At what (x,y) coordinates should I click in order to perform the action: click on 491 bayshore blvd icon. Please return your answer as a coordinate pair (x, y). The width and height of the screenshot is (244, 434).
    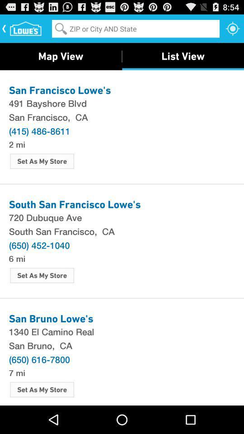
    Looking at the image, I should click on (122, 103).